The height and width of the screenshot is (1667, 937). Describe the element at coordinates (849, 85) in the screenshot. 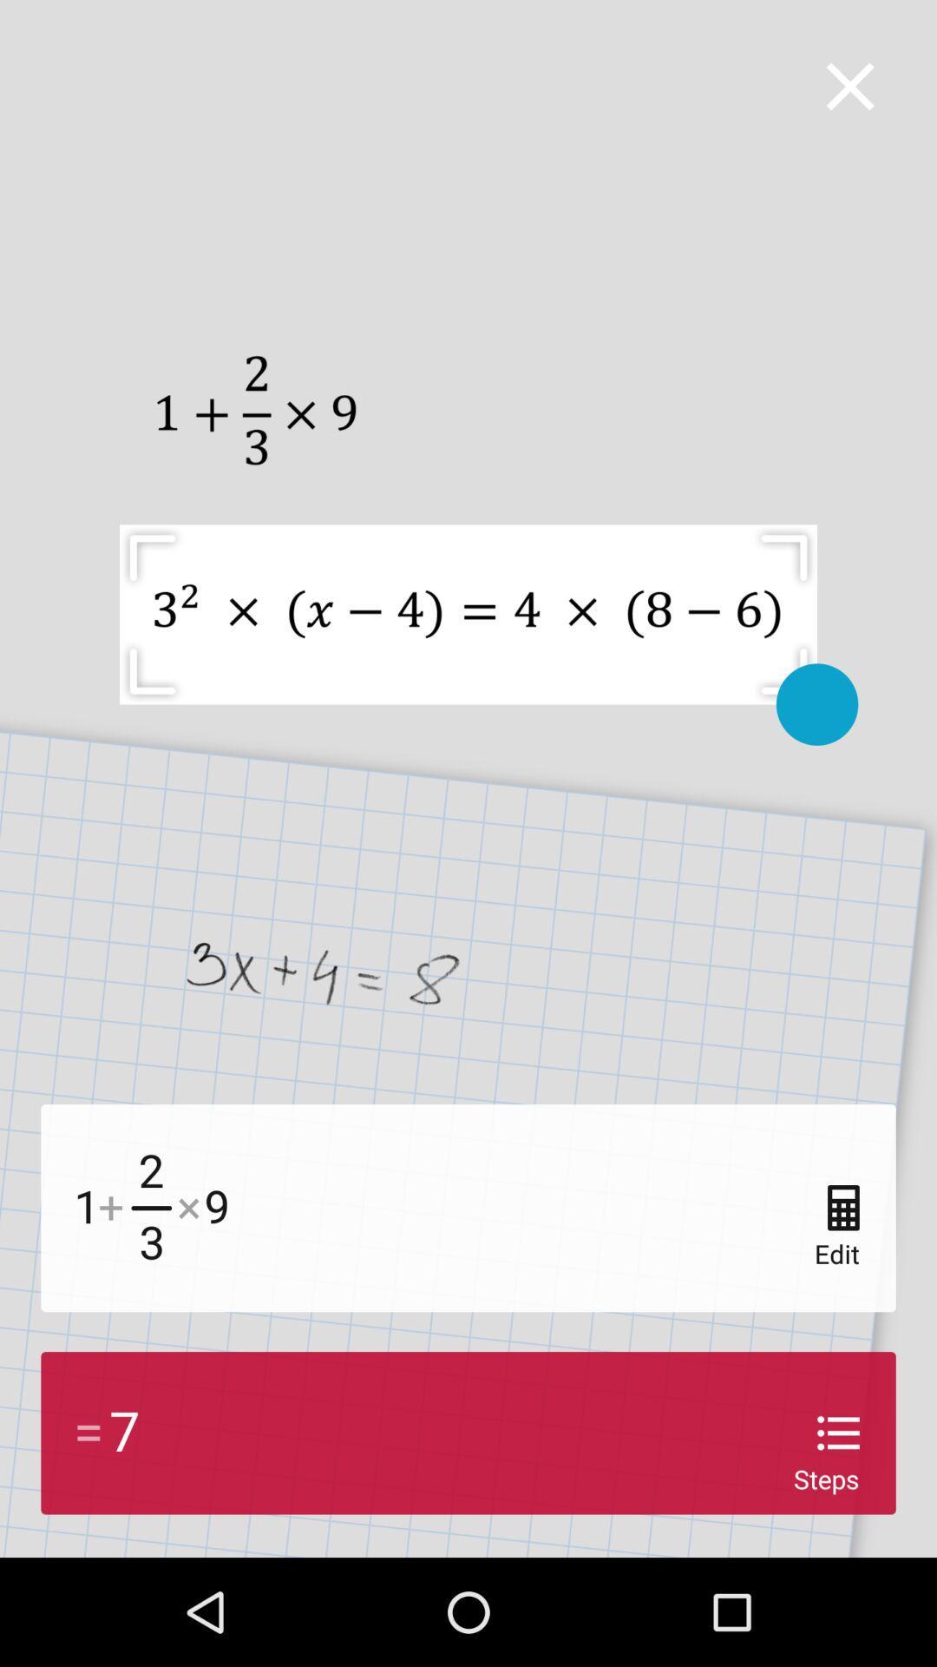

I see `the page` at that location.